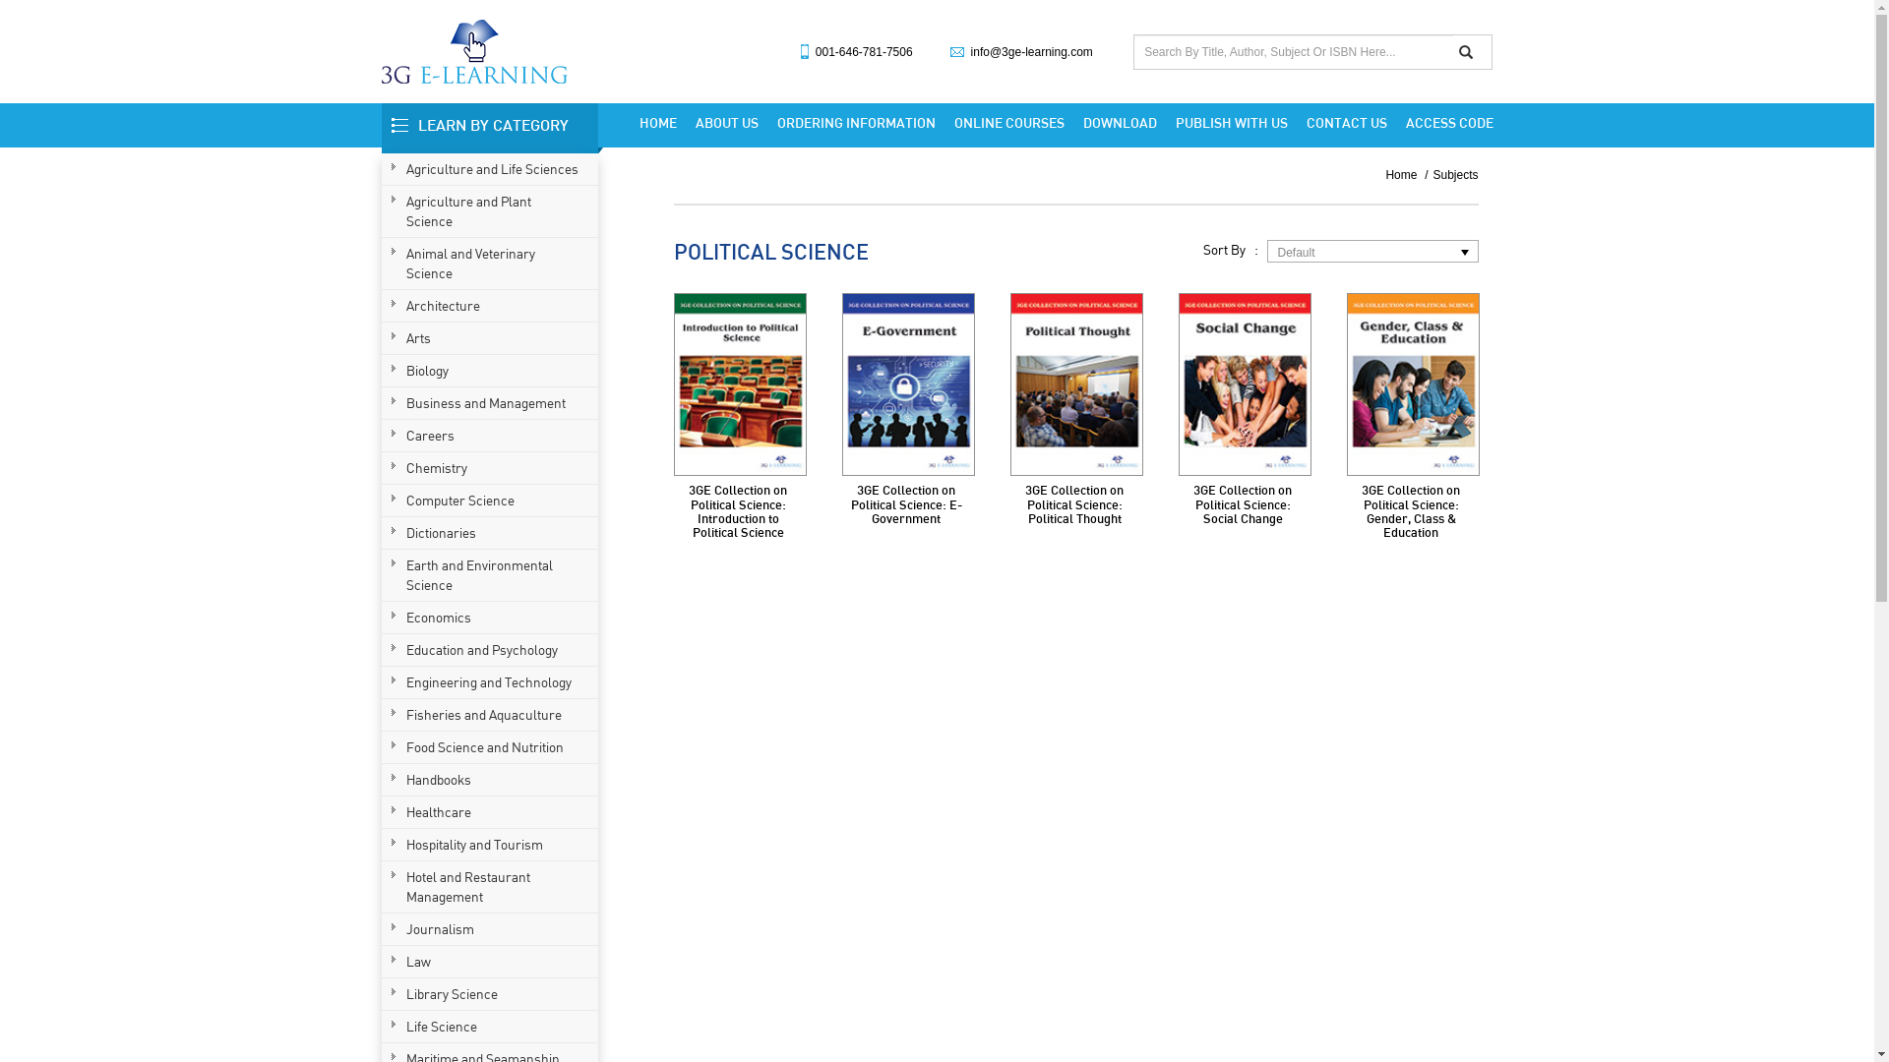  I want to click on 'Earth and Environmental Science', so click(386, 575).